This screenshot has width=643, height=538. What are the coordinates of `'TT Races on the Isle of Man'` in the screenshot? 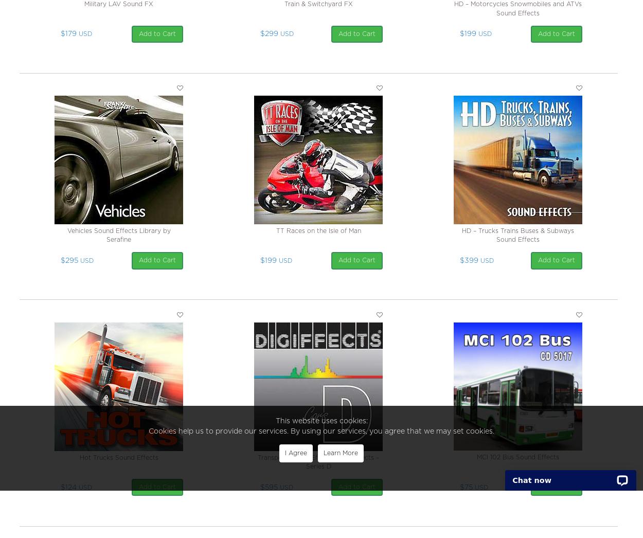 It's located at (317, 230).